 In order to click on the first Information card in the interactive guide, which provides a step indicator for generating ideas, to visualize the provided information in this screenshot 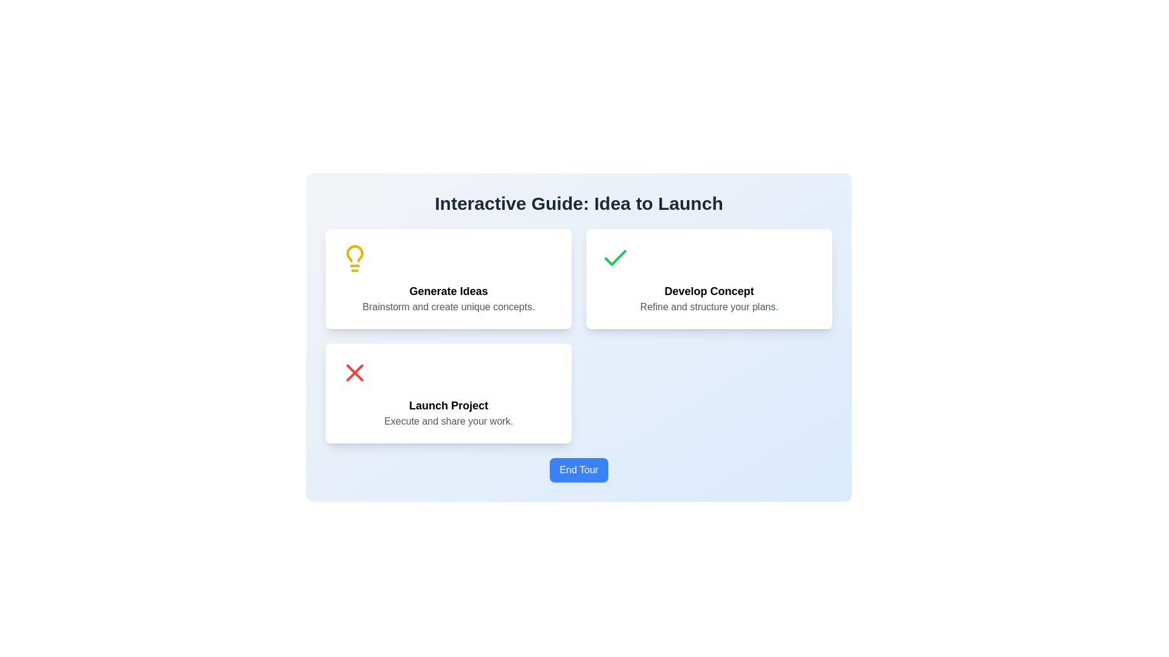, I will do `click(448, 279)`.